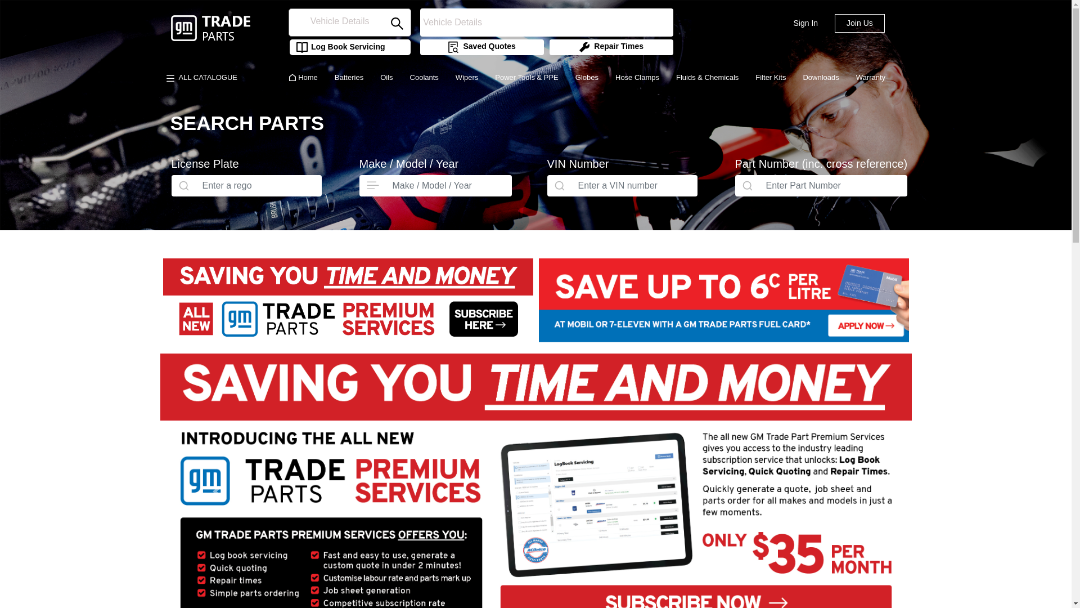 The height and width of the screenshot is (608, 1080). I want to click on 'Wipers', so click(447, 77).